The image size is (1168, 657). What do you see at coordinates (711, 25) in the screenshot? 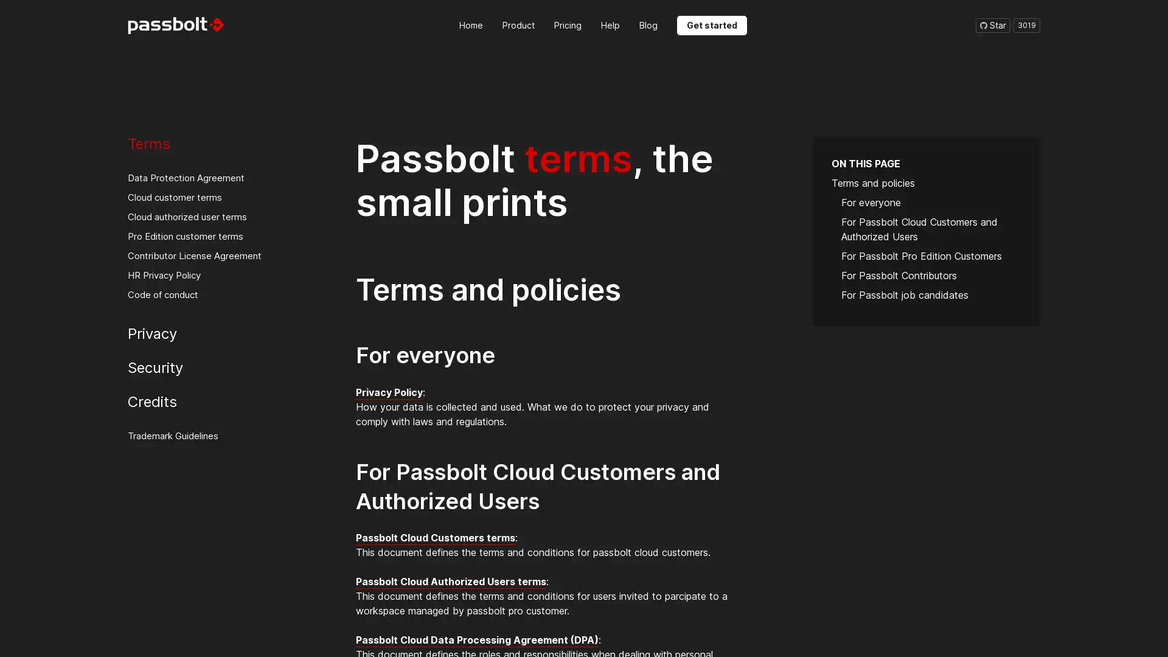
I see `Get started` at bounding box center [711, 25].